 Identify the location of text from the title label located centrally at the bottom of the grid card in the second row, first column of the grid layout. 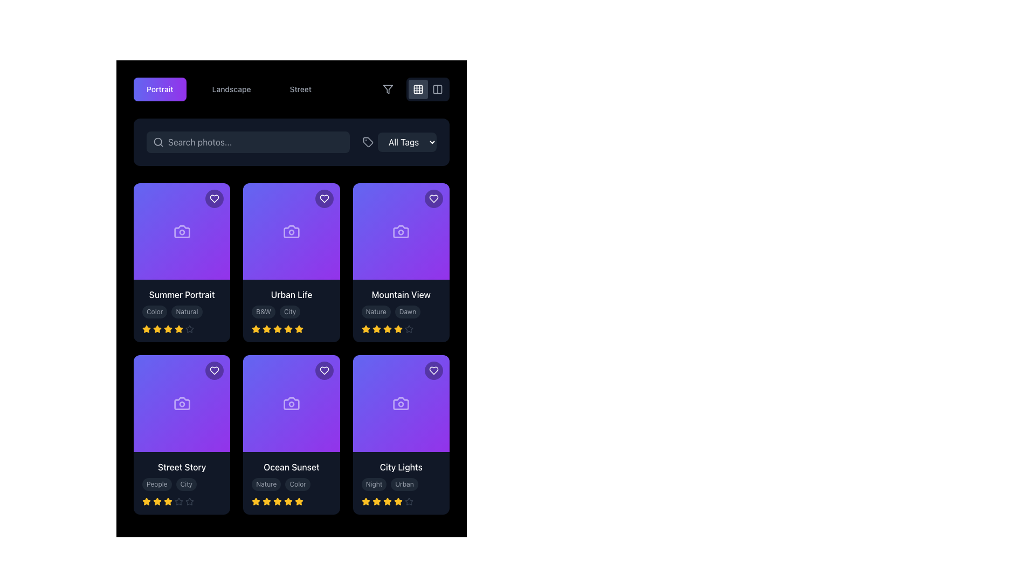
(182, 466).